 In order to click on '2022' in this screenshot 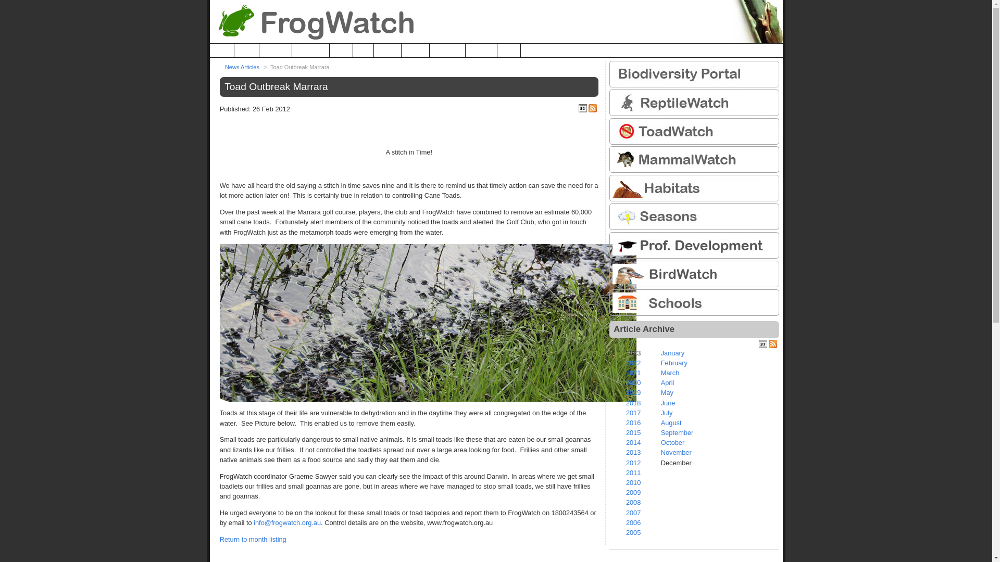, I will do `click(632, 362)`.